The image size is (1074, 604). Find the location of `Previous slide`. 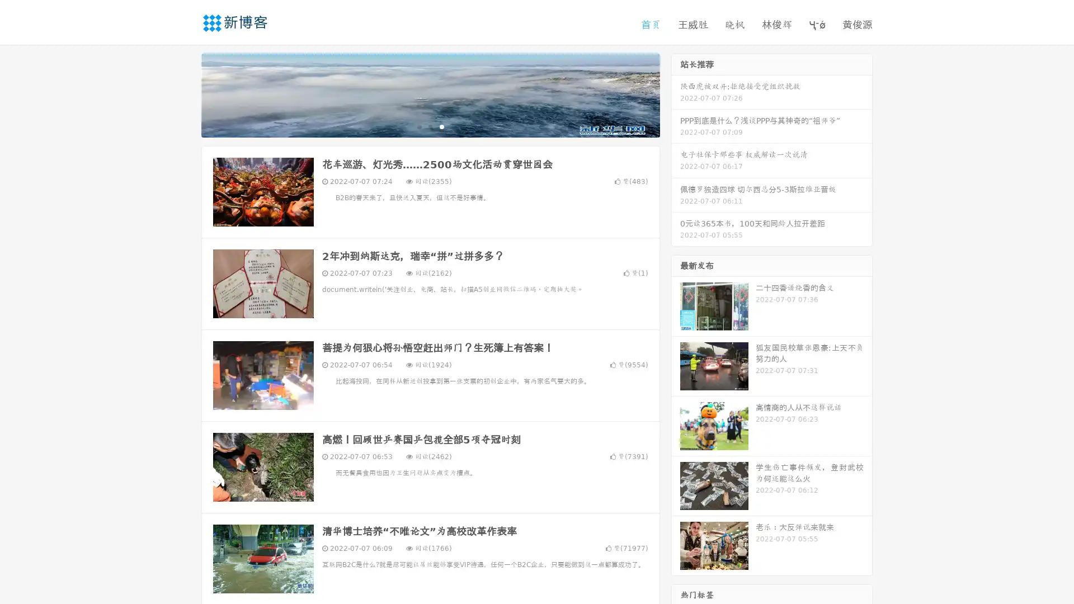

Previous slide is located at coordinates (185, 94).